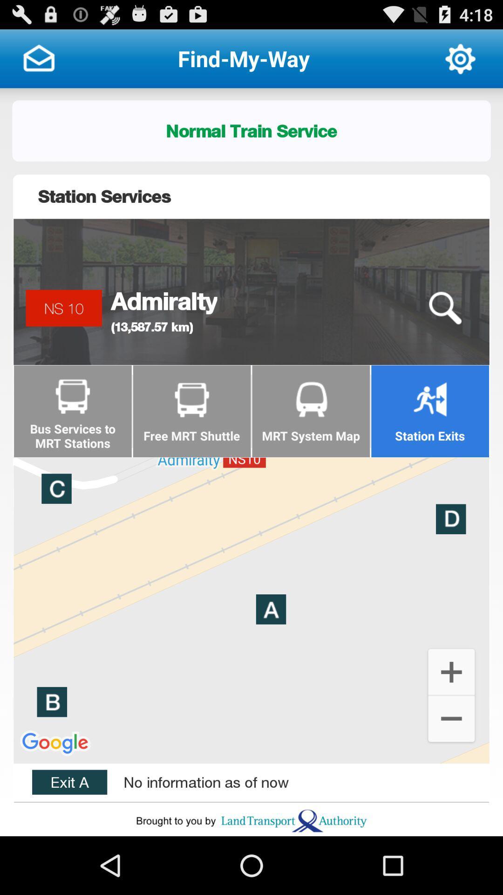  Describe the element at coordinates (451, 718) in the screenshot. I see `the add icon` at that location.